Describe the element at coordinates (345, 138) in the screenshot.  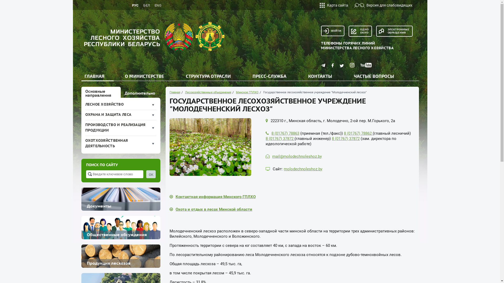
I see `'8 (01767) 37872'` at that location.